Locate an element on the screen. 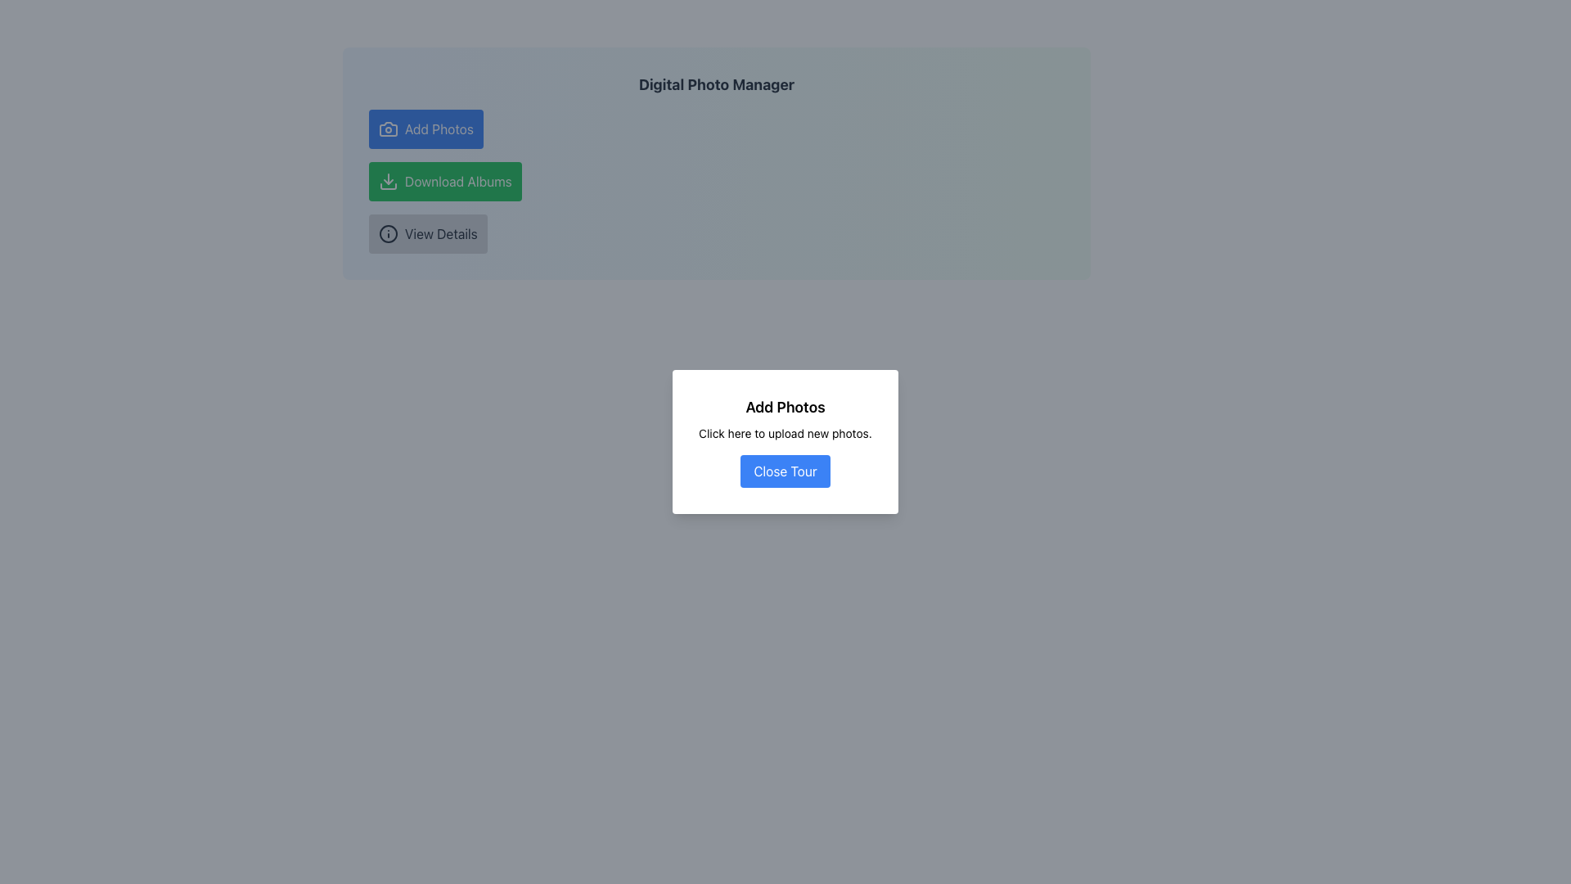 The height and width of the screenshot is (884, 1571). the green 'Download Albums' button with a white text label and a downward arrow icon is located at coordinates (445, 182).